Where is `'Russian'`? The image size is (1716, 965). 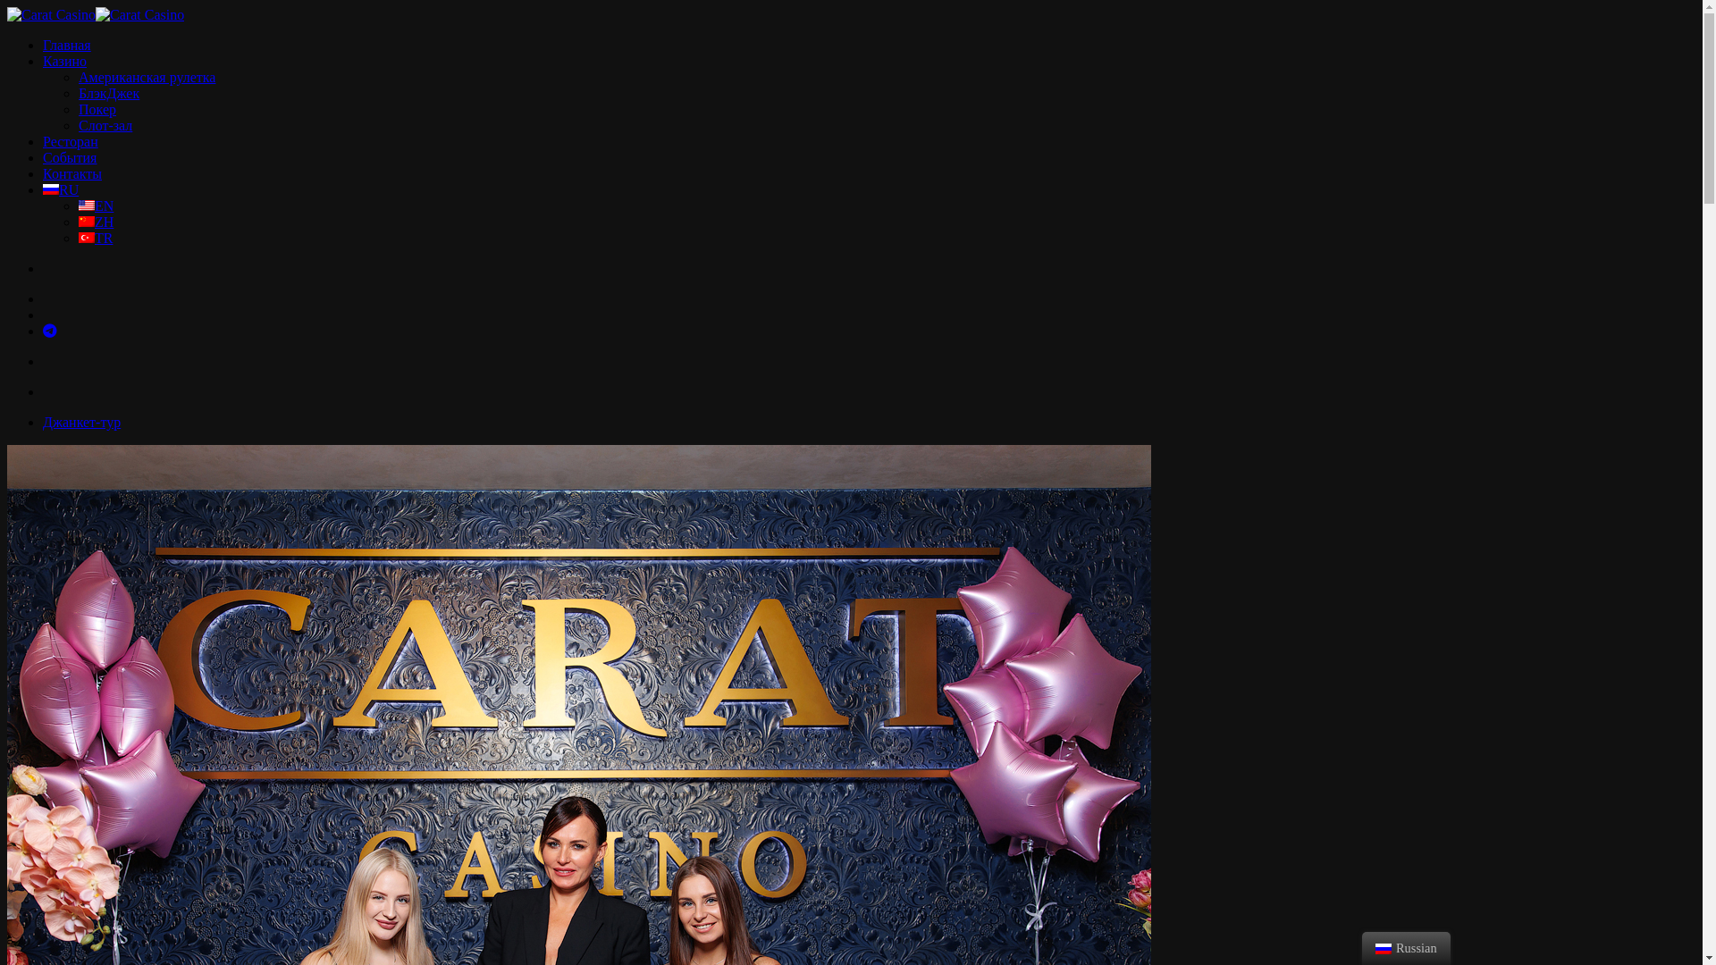 'Russian' is located at coordinates (51, 189).